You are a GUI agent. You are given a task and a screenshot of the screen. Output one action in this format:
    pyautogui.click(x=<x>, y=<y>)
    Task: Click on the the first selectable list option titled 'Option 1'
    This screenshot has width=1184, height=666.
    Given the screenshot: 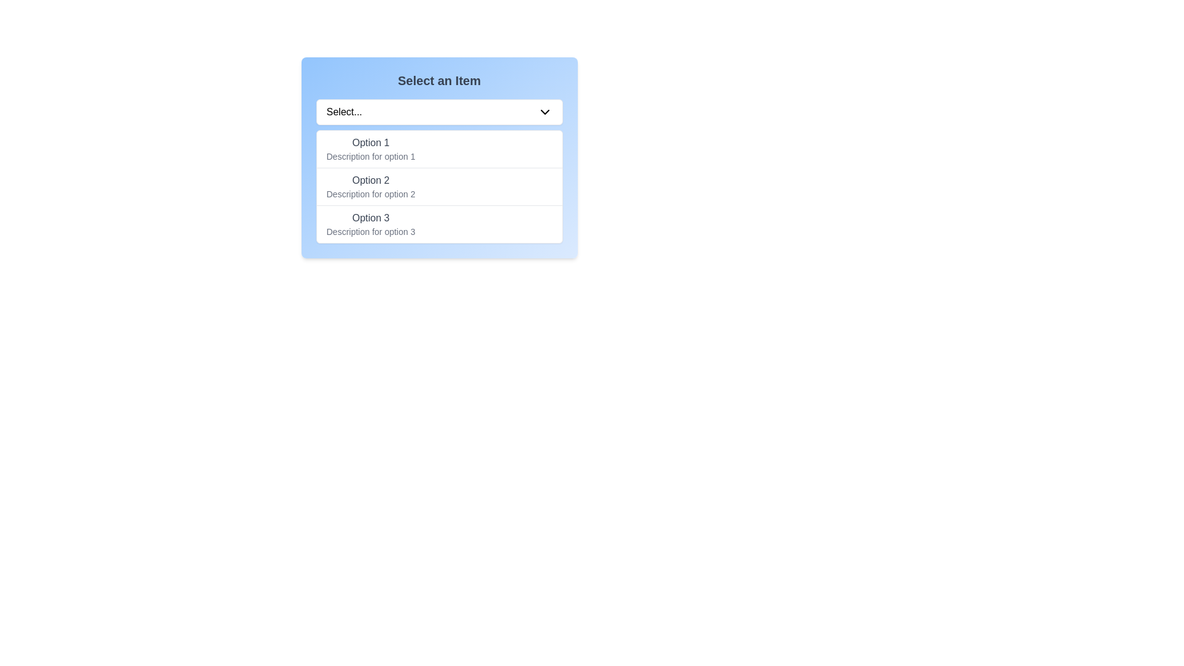 What is the action you would take?
    pyautogui.click(x=439, y=149)
    